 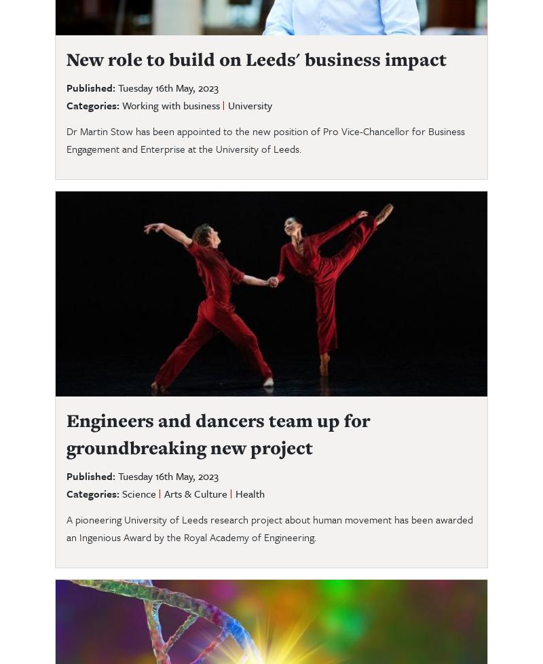 What do you see at coordinates (256, 58) in the screenshot?
I see `'New role to build on Leeds' business impact'` at bounding box center [256, 58].